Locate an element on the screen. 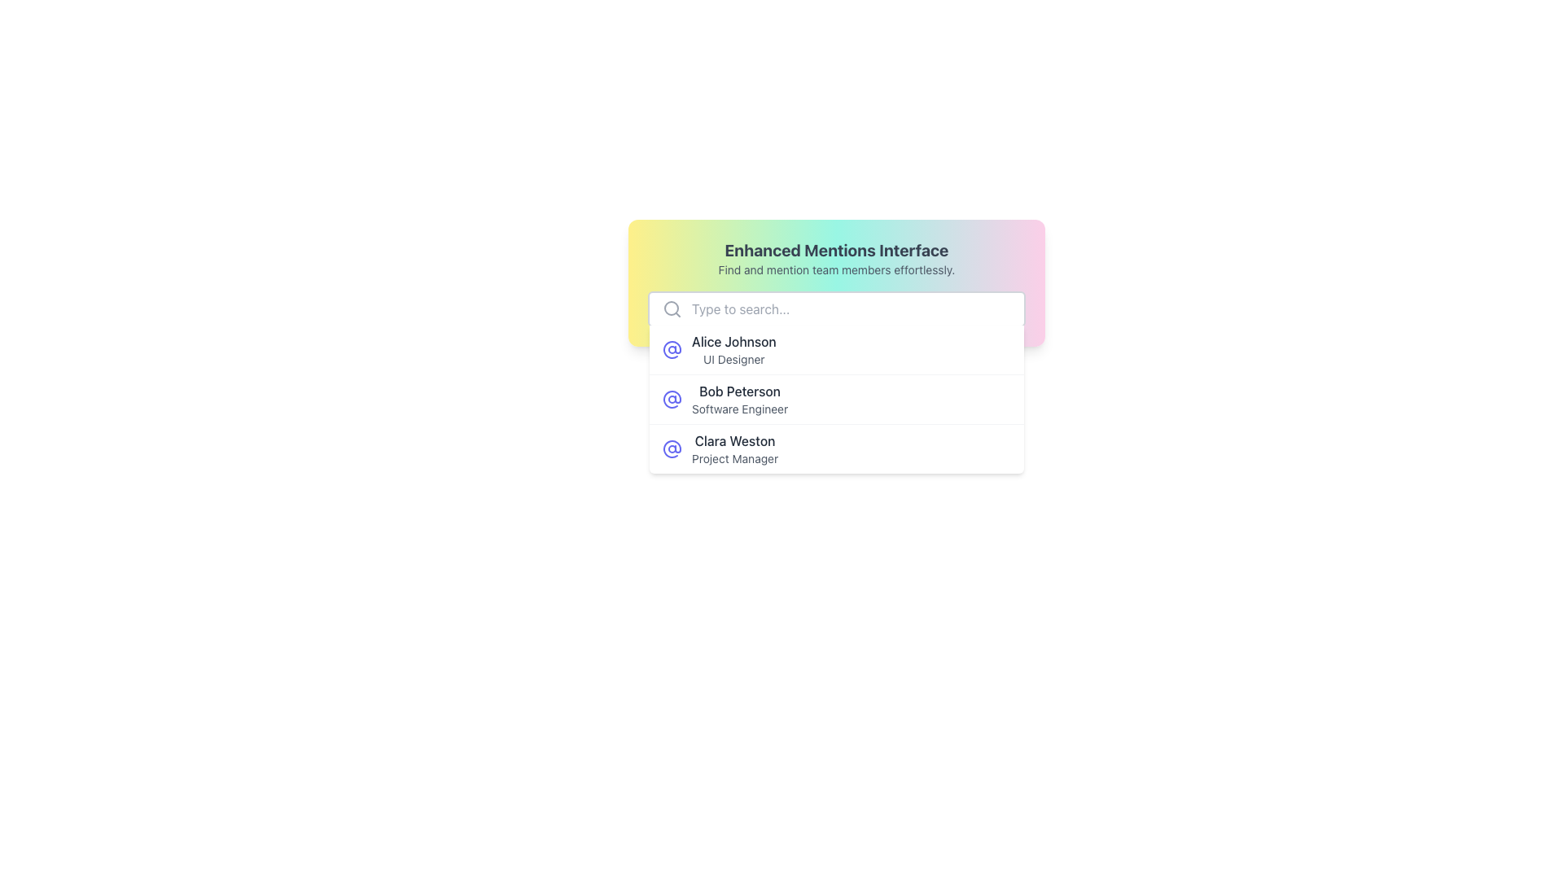 This screenshot has height=879, width=1563. the third item in the dropdown menu that displays personnel names and roles is located at coordinates (734, 448).